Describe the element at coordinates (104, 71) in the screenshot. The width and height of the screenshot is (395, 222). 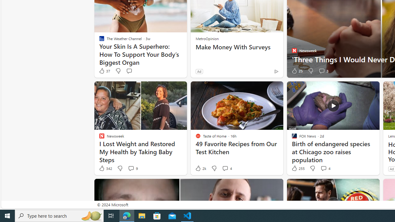
I see `'37 Like'` at that location.